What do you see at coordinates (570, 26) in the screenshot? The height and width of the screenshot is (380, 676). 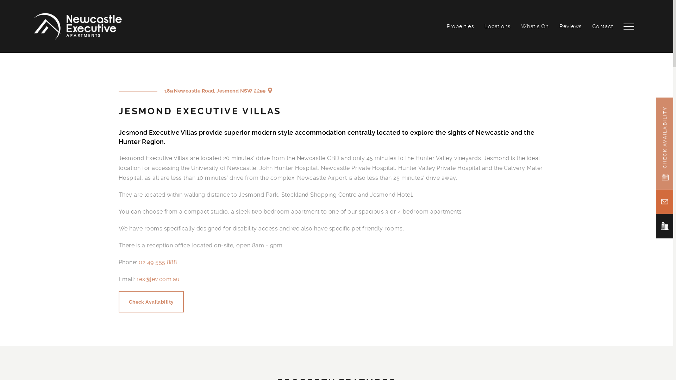 I see `'Reviews'` at bounding box center [570, 26].